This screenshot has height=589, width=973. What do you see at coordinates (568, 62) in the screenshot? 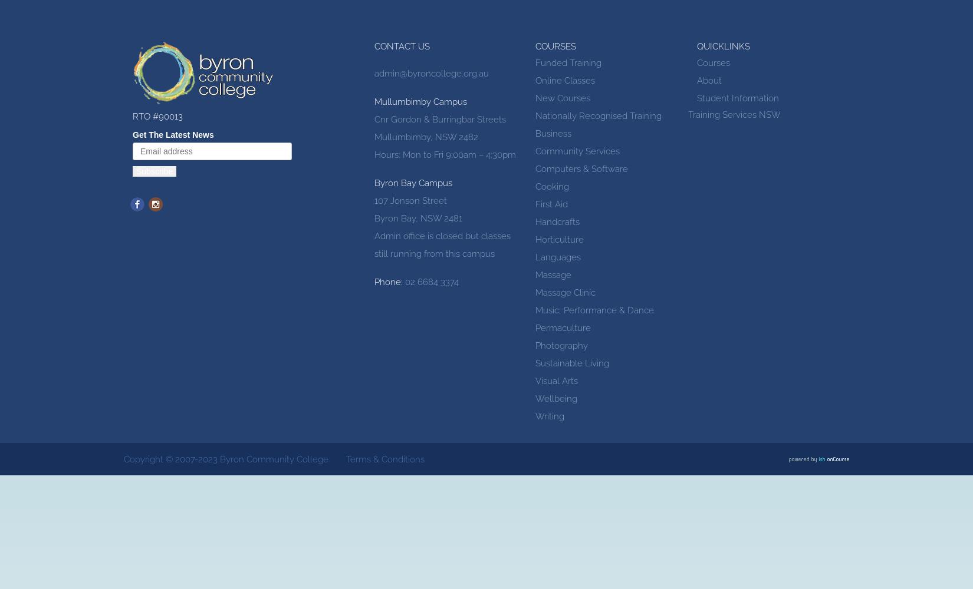
I see `'Funded Training'` at bounding box center [568, 62].